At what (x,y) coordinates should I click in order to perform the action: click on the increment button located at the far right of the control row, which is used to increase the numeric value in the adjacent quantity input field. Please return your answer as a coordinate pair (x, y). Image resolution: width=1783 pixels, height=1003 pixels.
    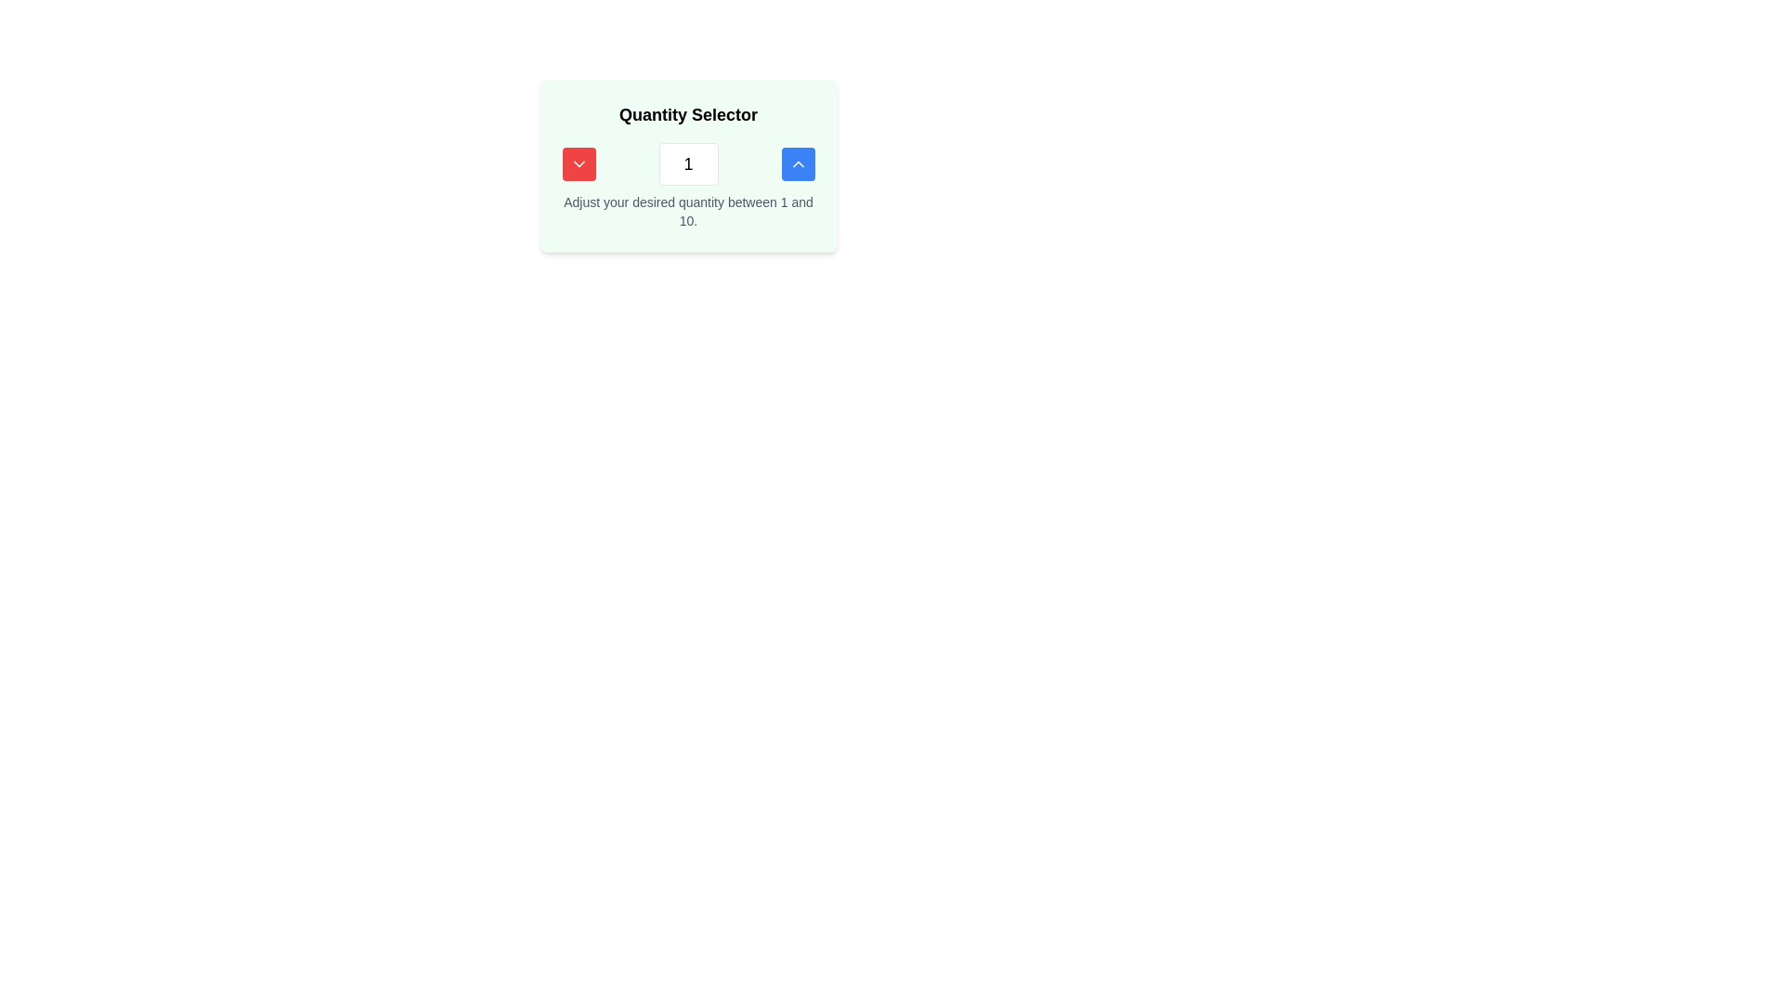
    Looking at the image, I should click on (798, 163).